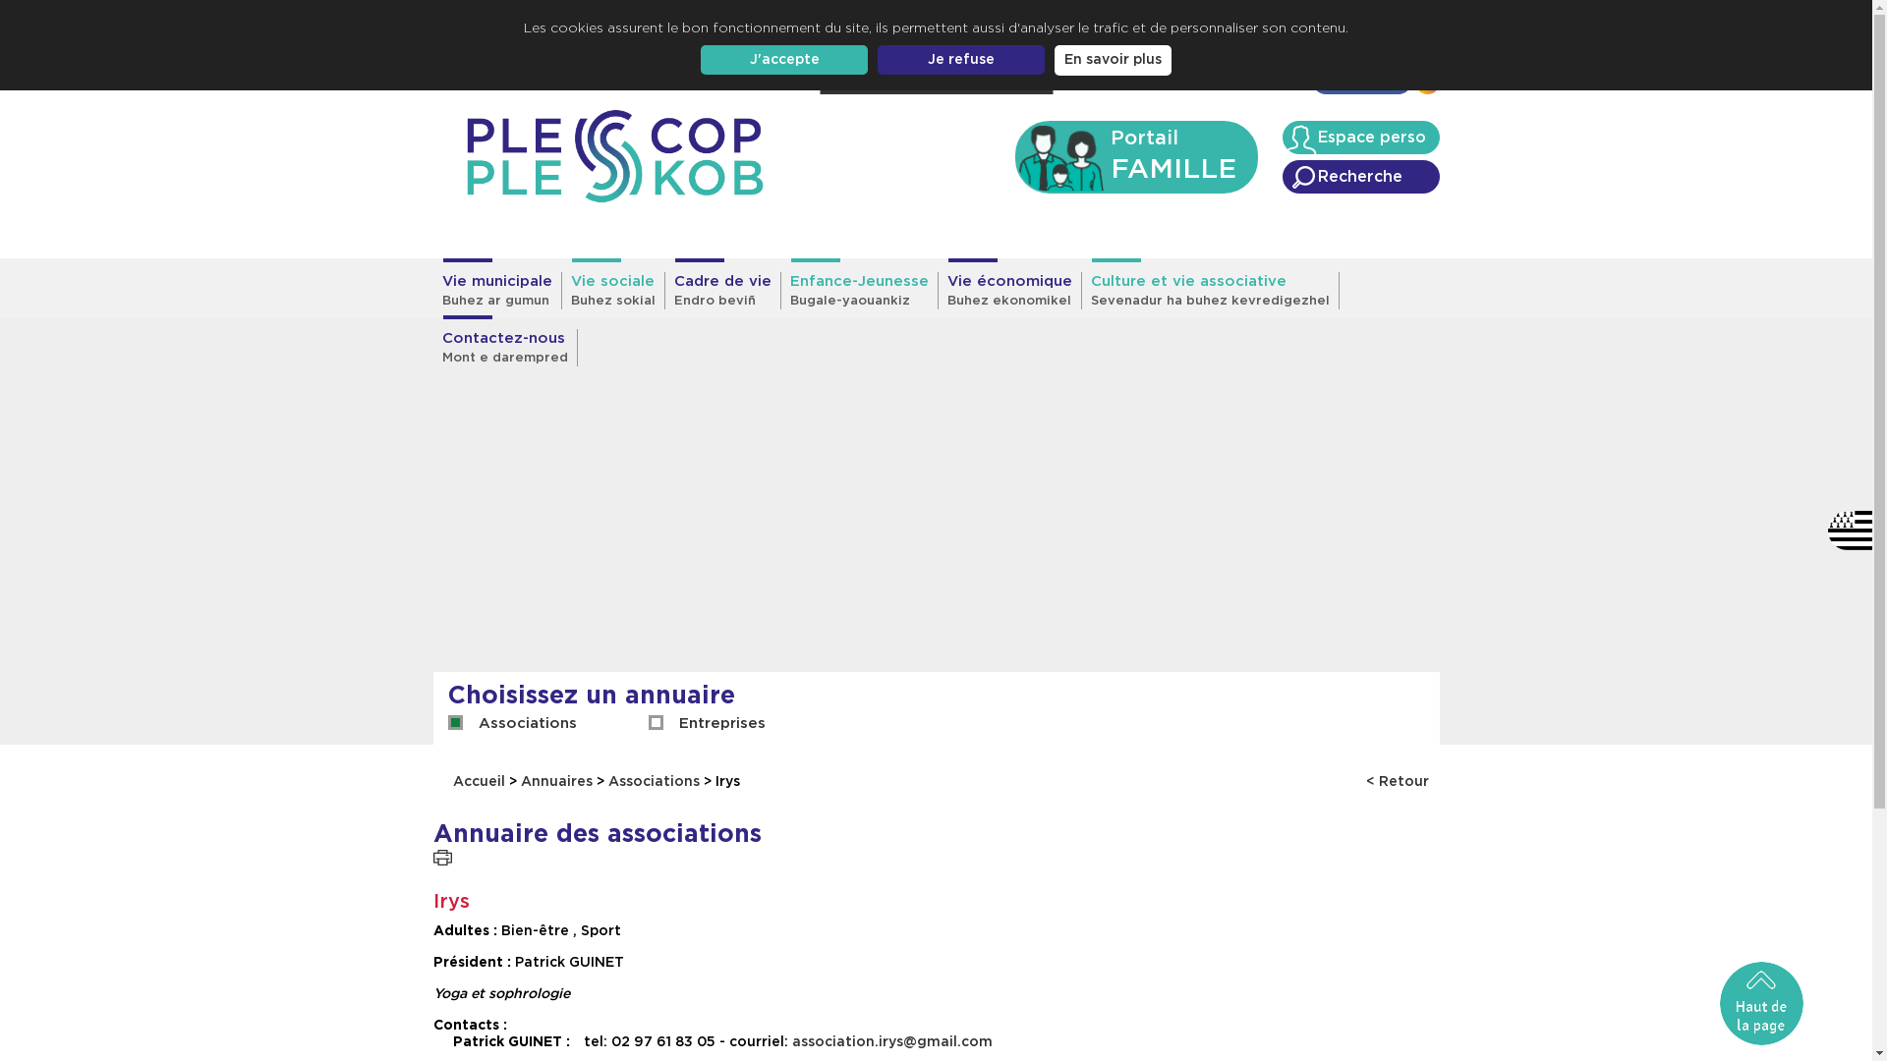 The height and width of the screenshot is (1061, 1887). What do you see at coordinates (555, 780) in the screenshot?
I see `'Annuaires'` at bounding box center [555, 780].